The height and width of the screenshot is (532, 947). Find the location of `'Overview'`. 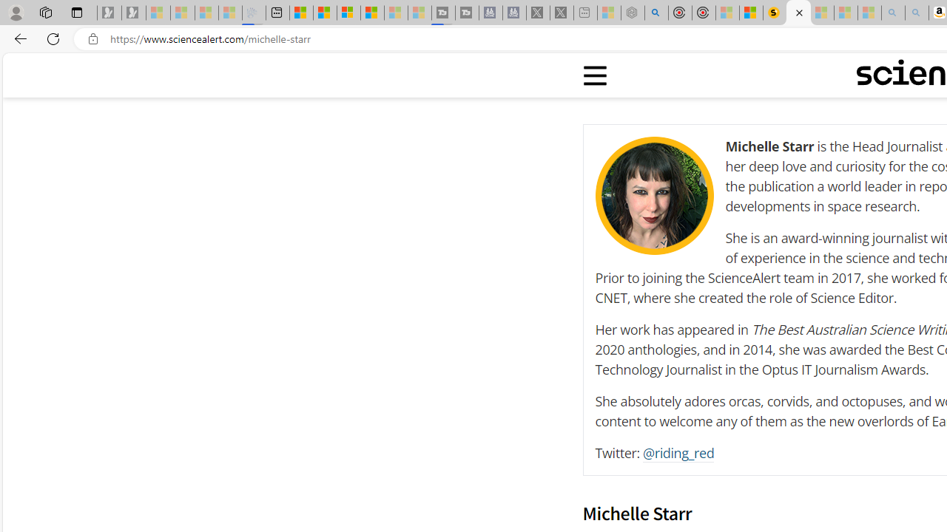

'Overview' is located at coordinates (348, 13).